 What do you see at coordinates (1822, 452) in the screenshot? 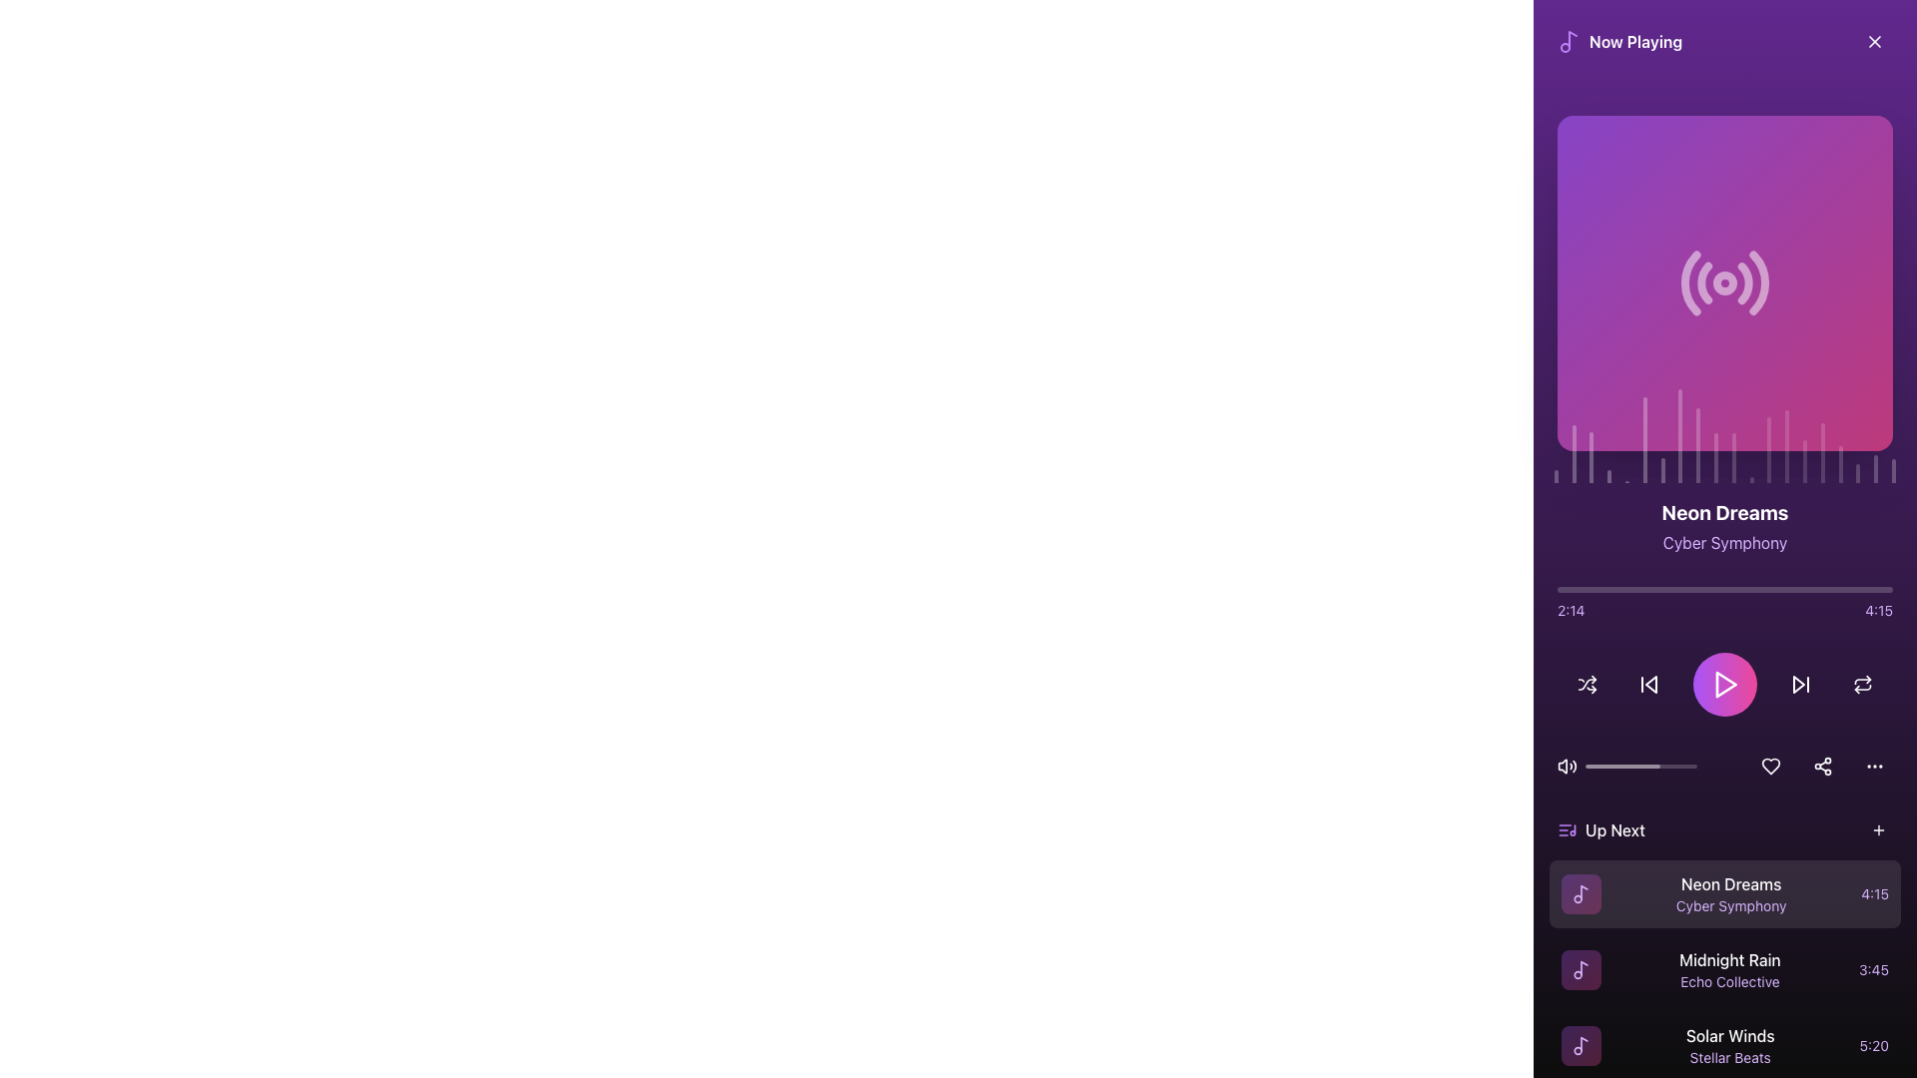
I see `the 16th vertical white progress indicator segment (waveform bar) in the purple-themed media player interface, which is part of a series of 20 bars representing waveform visualization` at bounding box center [1822, 452].